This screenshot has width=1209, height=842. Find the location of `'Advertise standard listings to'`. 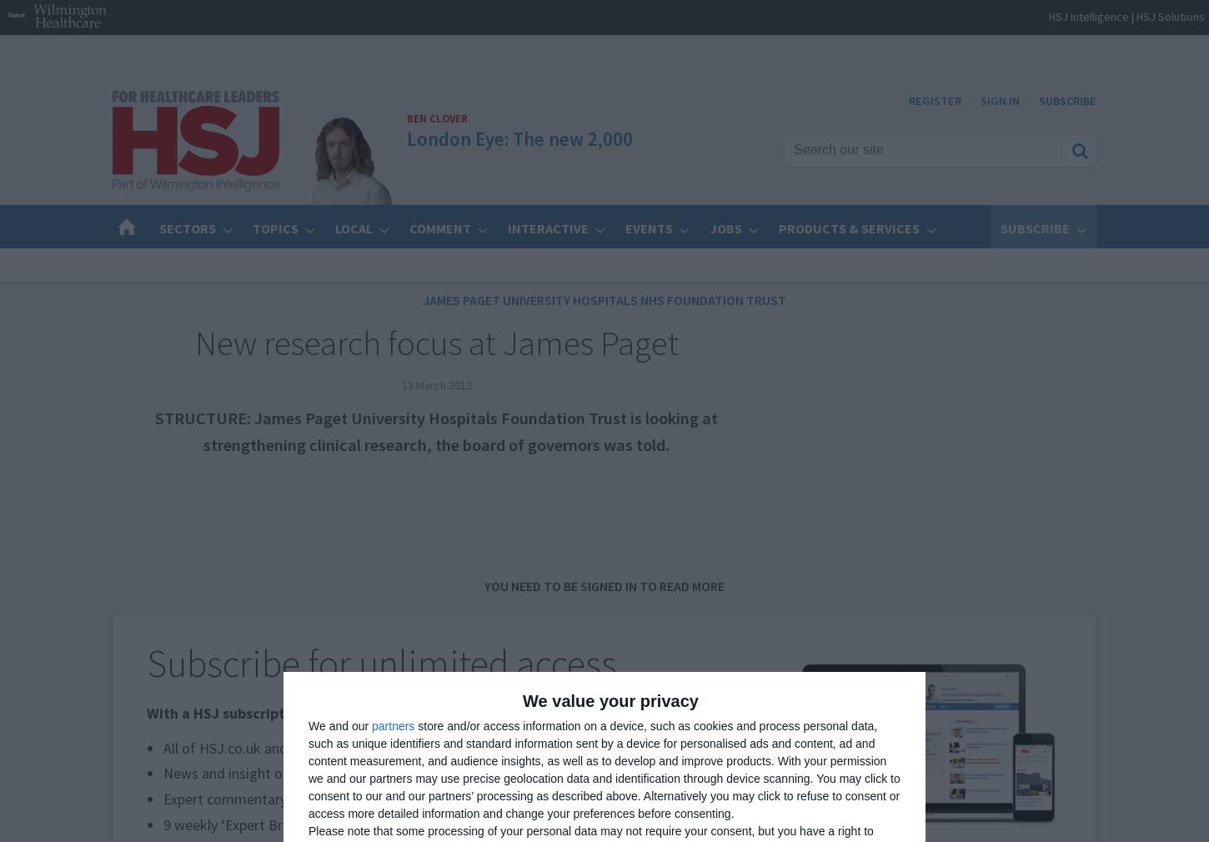

'Advertise standard listings to' is located at coordinates (722, 516).